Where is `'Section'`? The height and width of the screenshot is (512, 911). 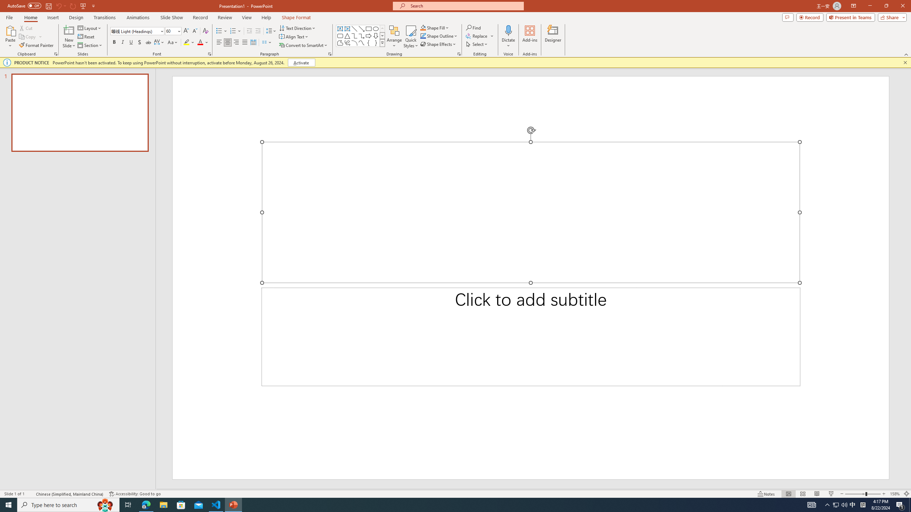
'Section' is located at coordinates (90, 45).